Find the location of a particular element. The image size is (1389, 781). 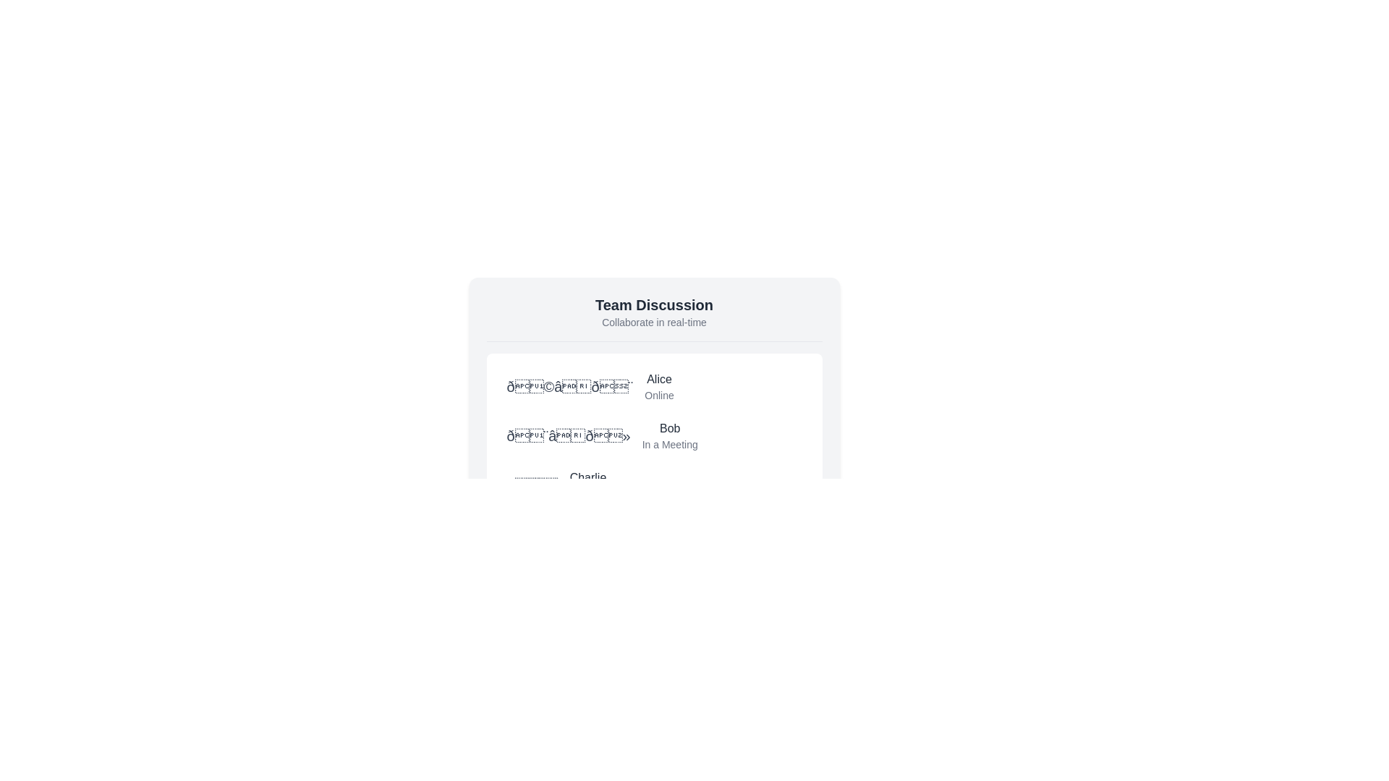

the first emoji element styled with text-gray-700 and text-xl, which is positioned before the text 'Bob' and 'In a Meeting' in the user items list is located at coordinates (568, 435).